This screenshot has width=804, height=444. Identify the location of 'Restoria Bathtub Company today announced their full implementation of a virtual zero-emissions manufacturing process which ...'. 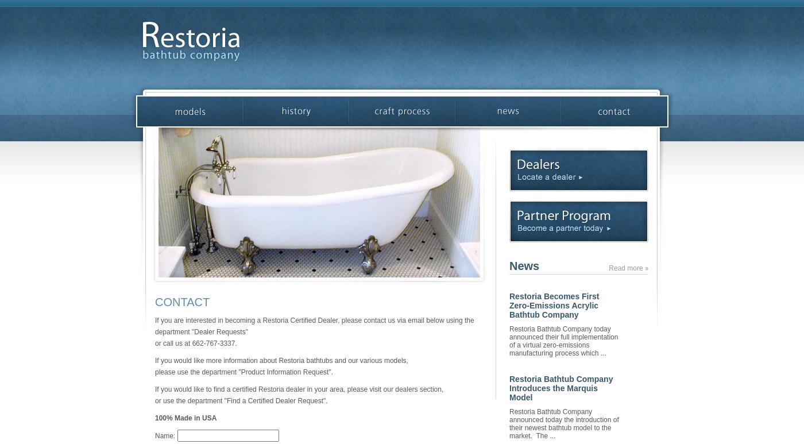
(509, 341).